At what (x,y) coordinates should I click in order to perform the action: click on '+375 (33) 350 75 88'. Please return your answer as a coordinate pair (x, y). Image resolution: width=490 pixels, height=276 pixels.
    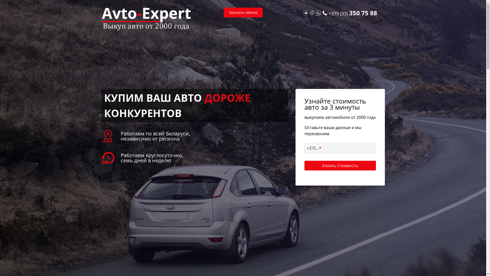
    Looking at the image, I should click on (352, 13).